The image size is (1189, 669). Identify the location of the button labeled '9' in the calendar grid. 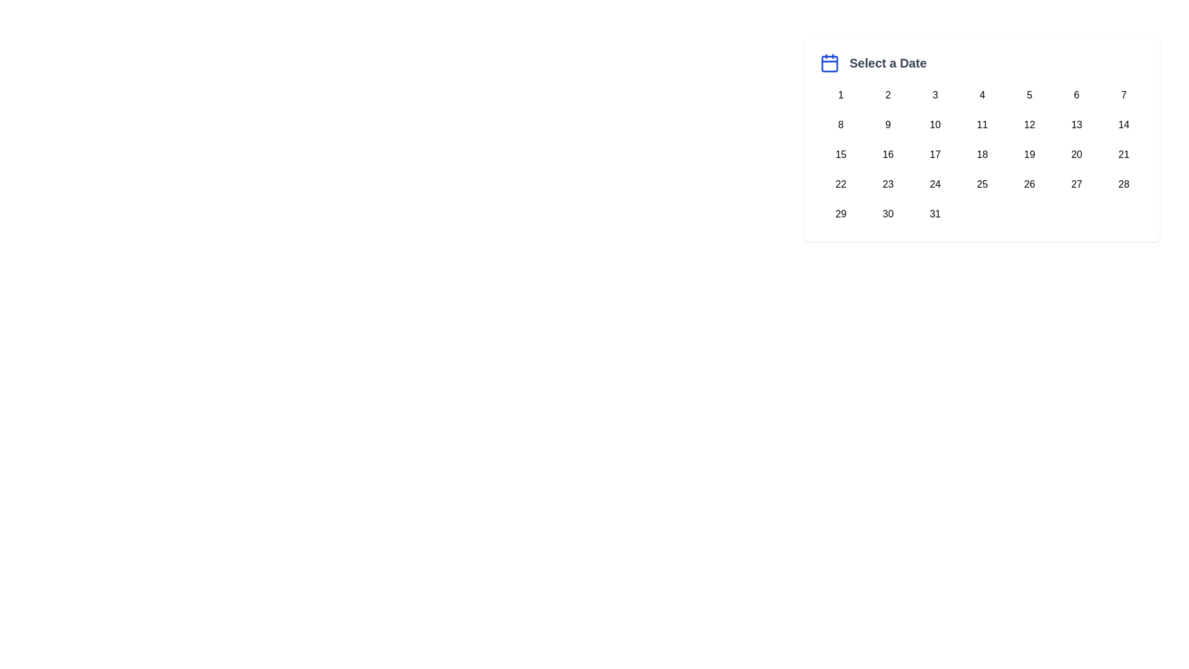
(887, 125).